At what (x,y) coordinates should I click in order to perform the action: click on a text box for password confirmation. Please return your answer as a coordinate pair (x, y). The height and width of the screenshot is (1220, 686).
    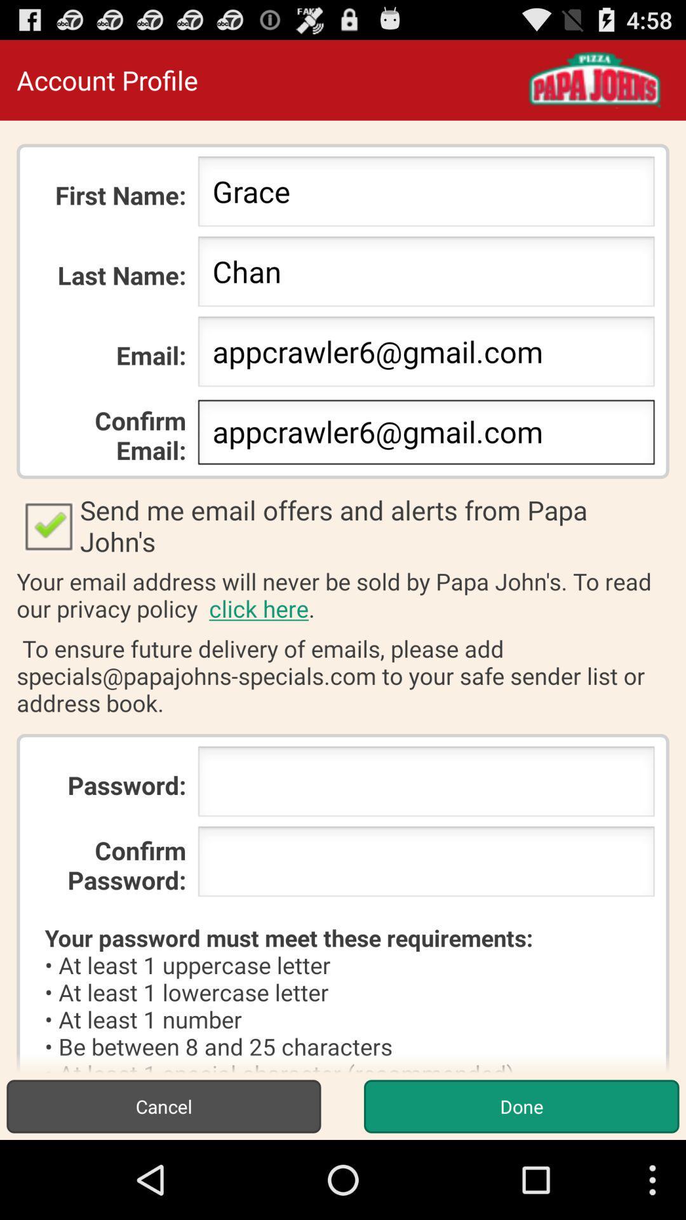
    Looking at the image, I should click on (426, 865).